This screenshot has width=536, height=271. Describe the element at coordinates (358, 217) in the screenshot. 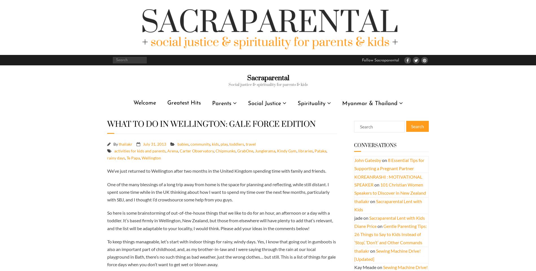

I see `'jade'` at that location.